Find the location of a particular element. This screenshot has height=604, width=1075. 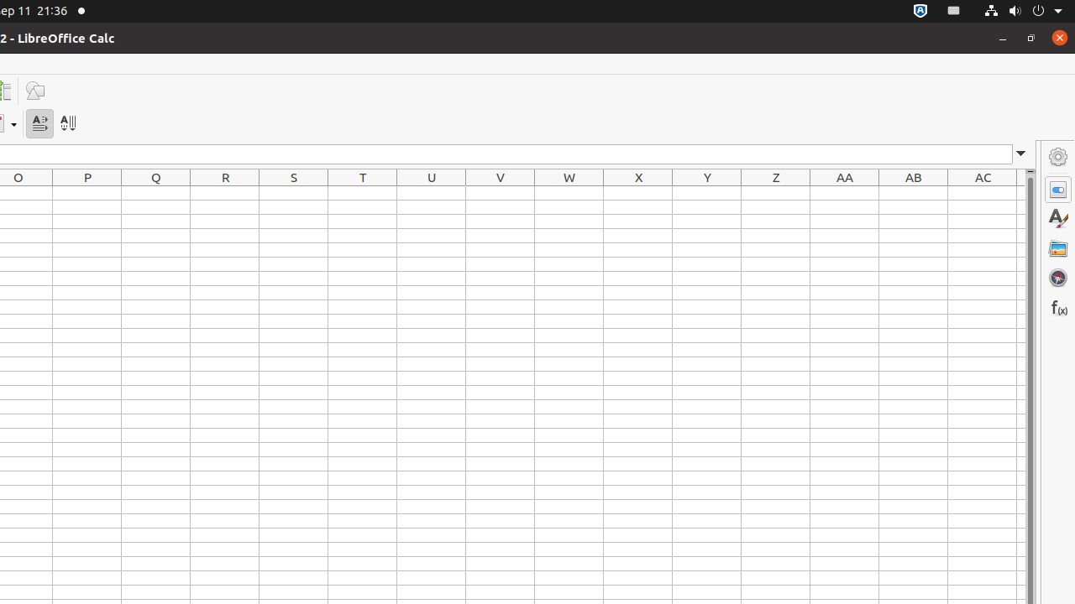

'P1' is located at coordinates (87, 192).